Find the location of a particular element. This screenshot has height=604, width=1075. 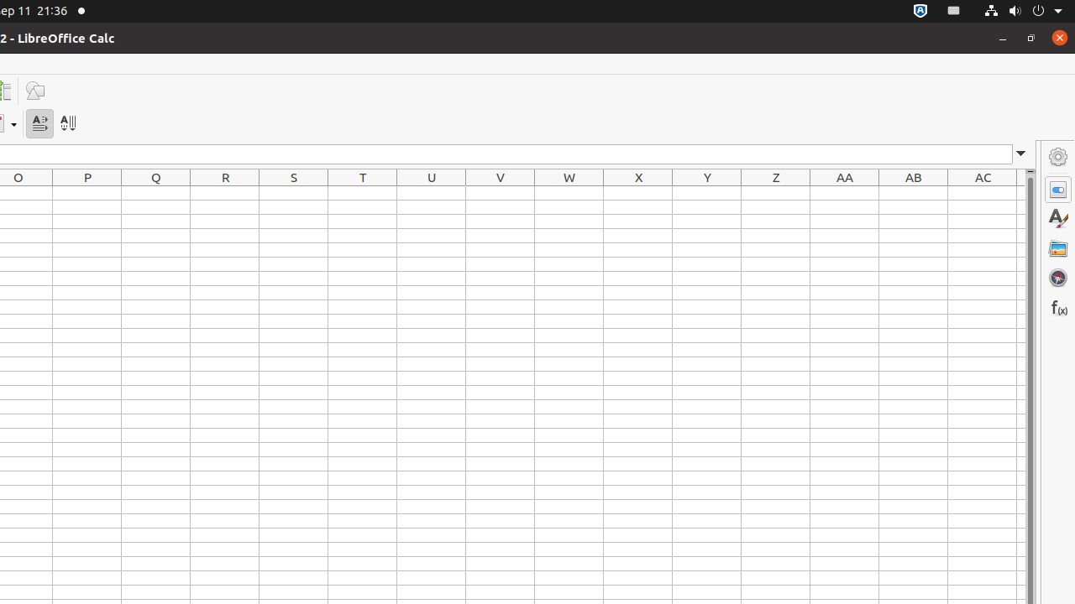

'P1' is located at coordinates (87, 192).